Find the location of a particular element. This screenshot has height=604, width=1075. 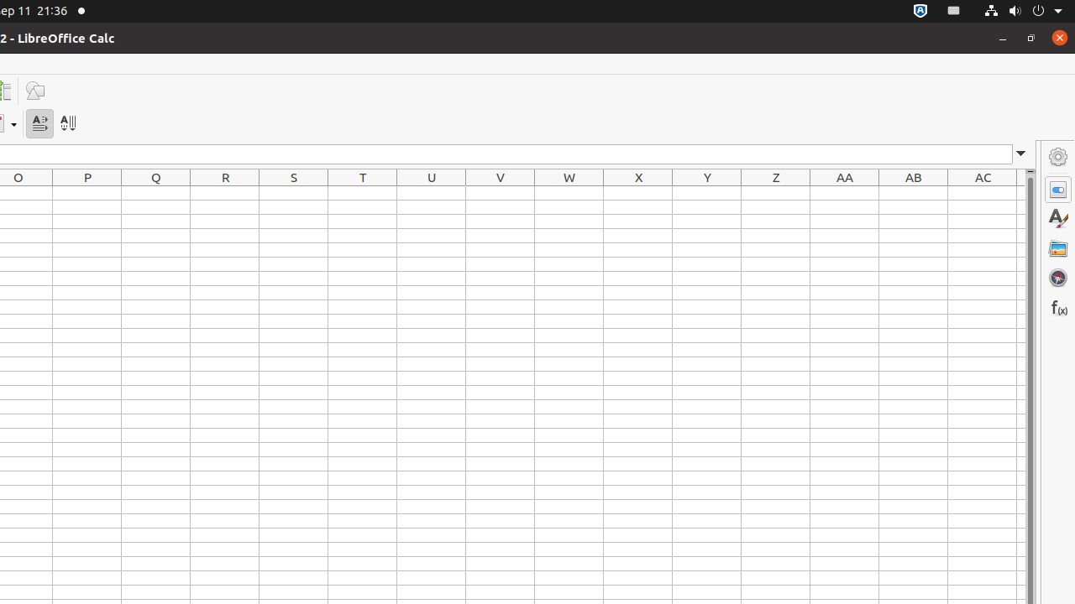

'P1' is located at coordinates (87, 192).